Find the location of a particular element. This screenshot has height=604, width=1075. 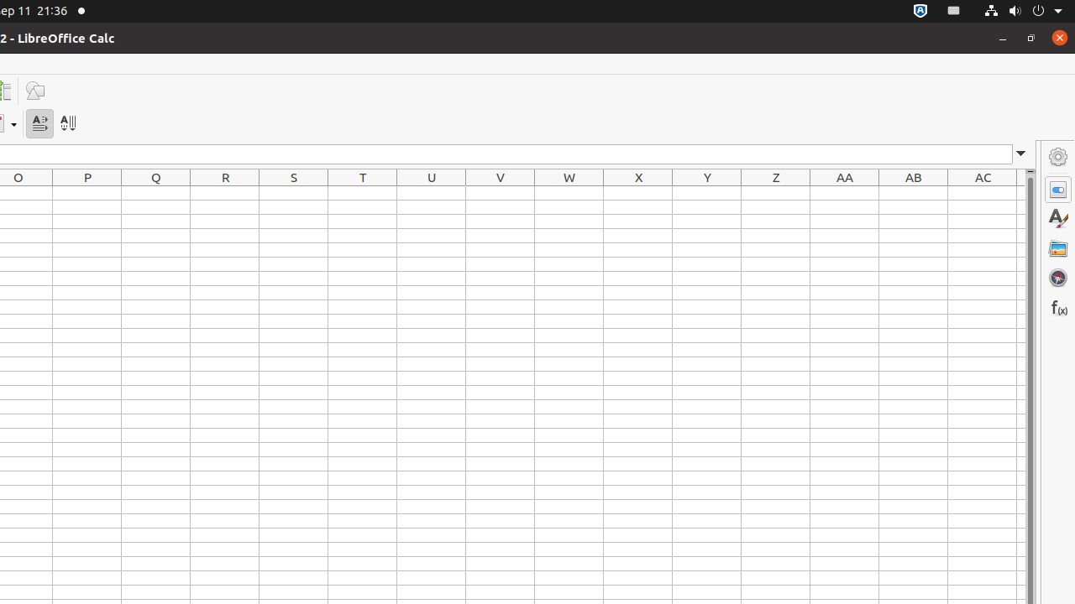

'P1' is located at coordinates (87, 192).